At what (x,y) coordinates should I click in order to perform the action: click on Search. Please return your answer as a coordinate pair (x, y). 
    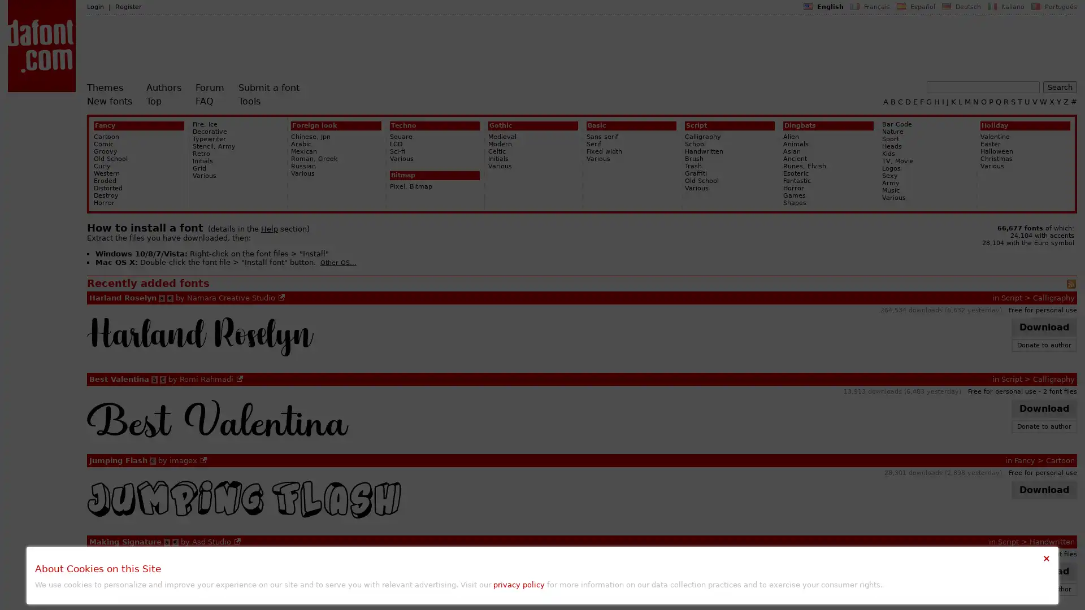
    Looking at the image, I should click on (1060, 86).